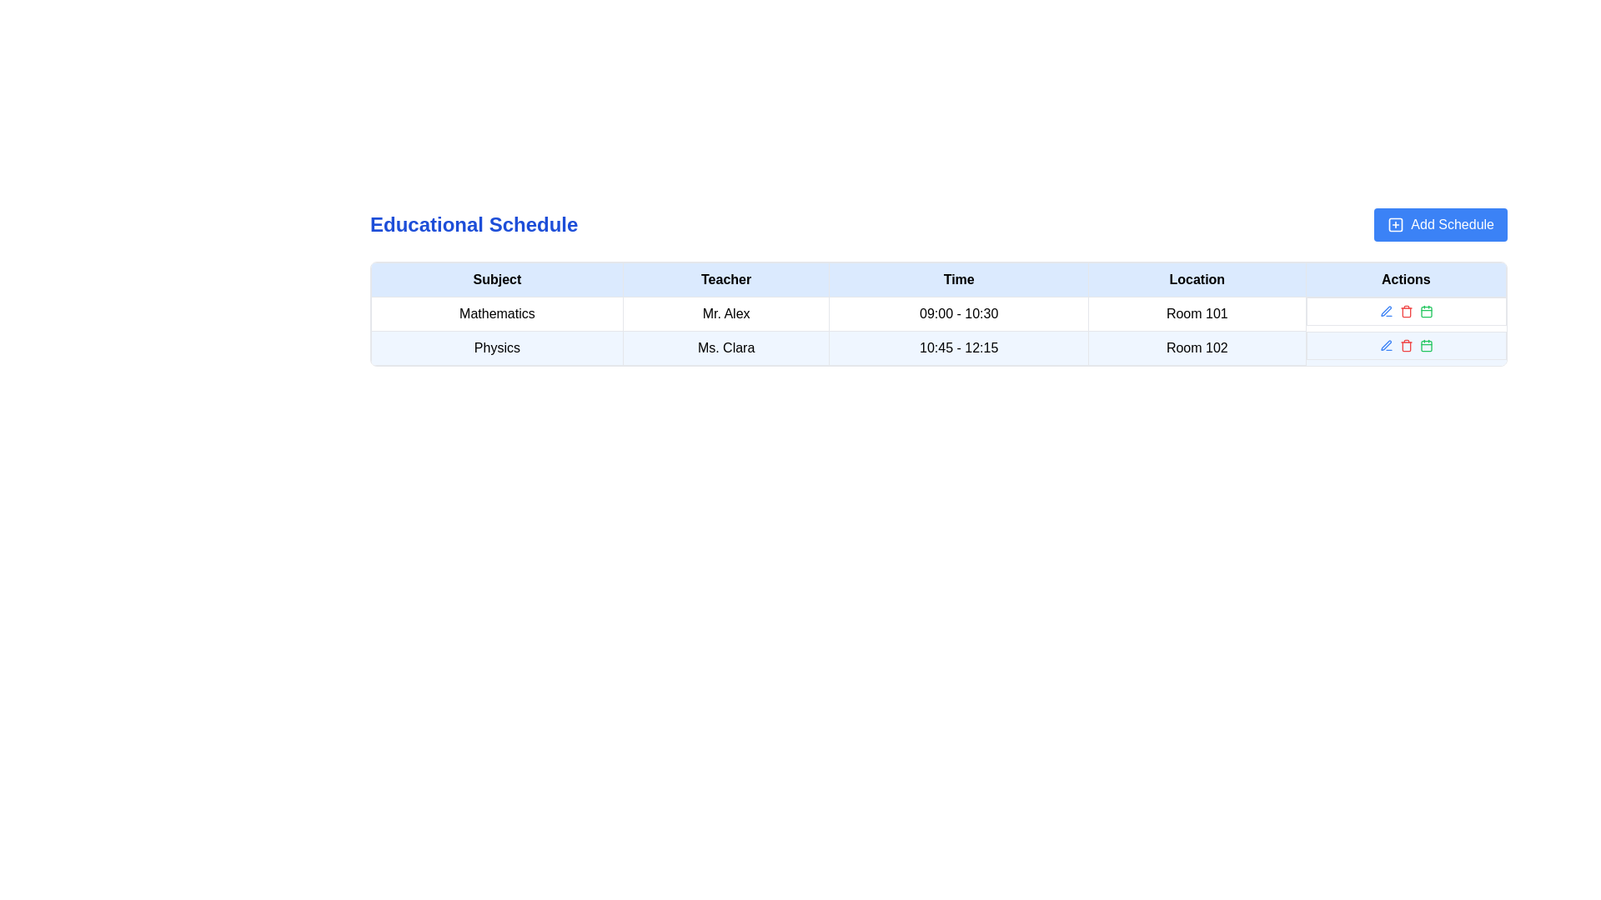 The width and height of the screenshot is (1601, 900). I want to click on the Text label displaying the time range '09:00 - 10:30' in the table cell, which is aligned with the 'Mathematics' subject and 'Mr. Alex' teacher name, so click(959, 314).